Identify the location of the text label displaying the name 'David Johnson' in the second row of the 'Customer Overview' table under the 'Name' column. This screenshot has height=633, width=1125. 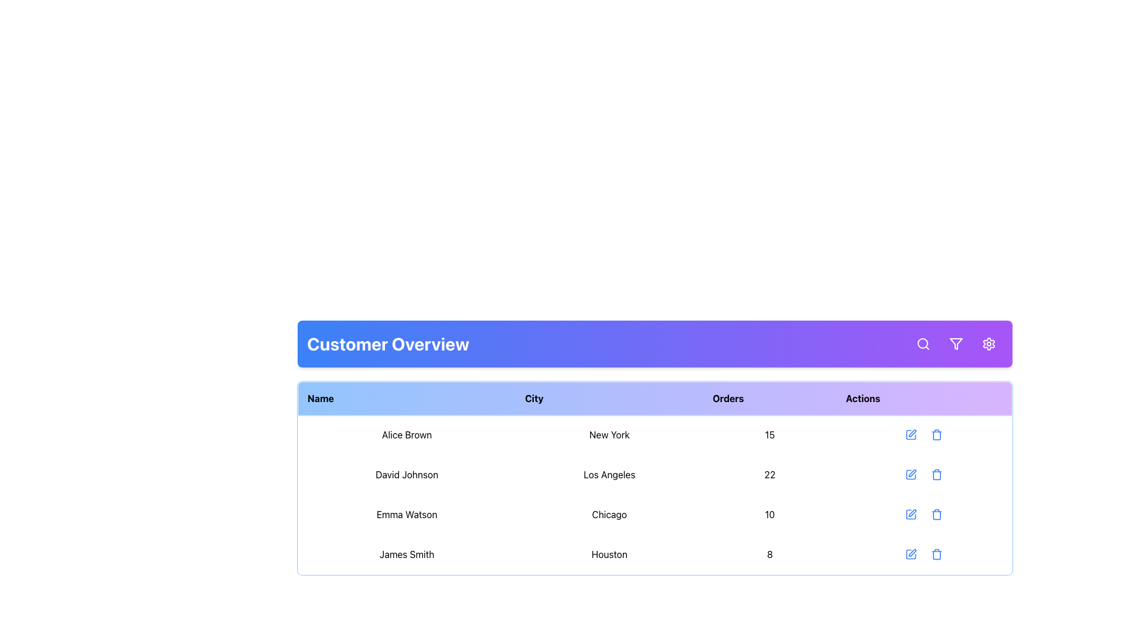
(407, 475).